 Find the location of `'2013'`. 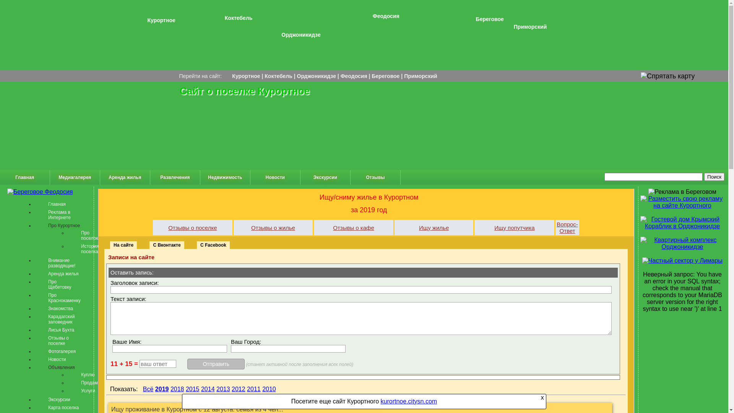

'2013' is located at coordinates (223, 389).